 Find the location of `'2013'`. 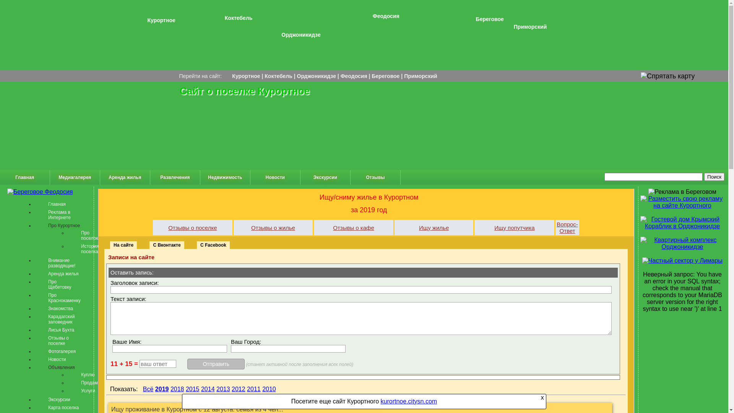

'2013' is located at coordinates (223, 389).